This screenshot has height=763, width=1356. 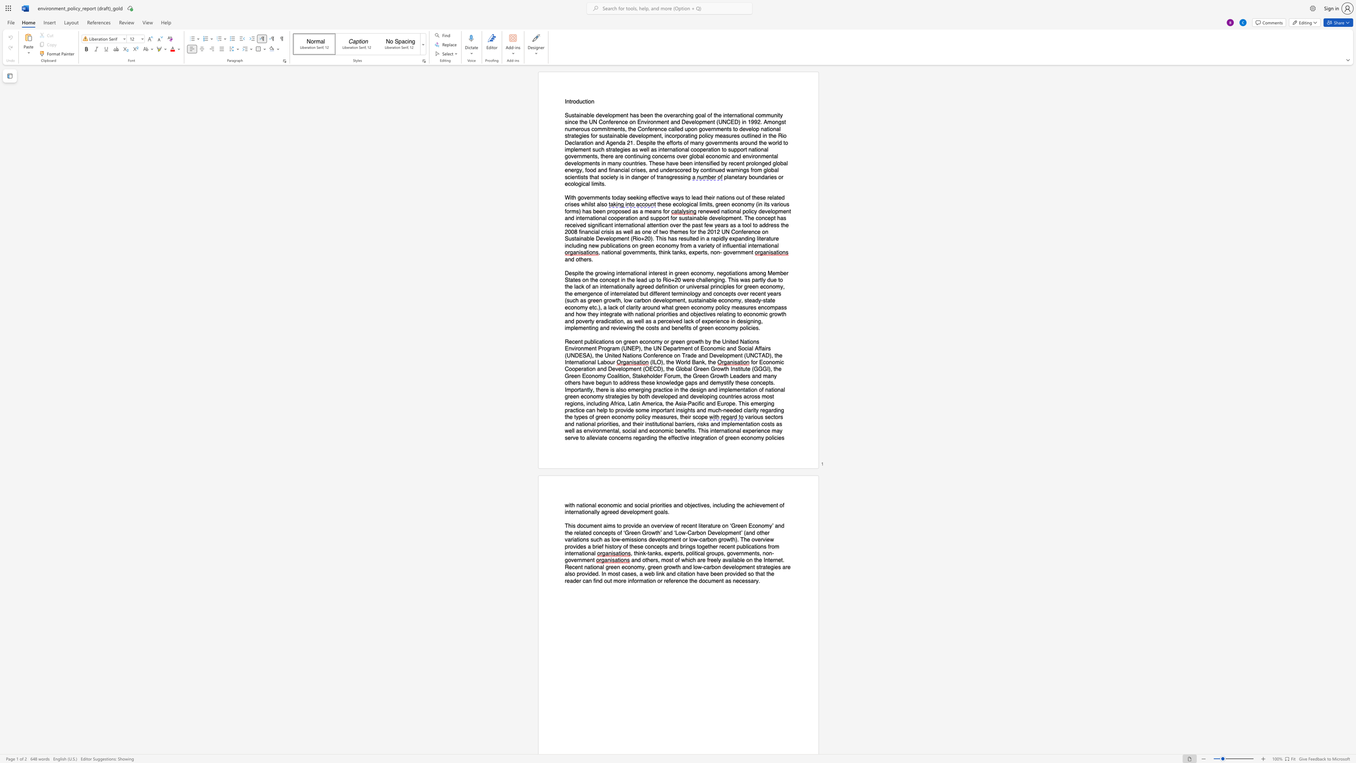 What do you see at coordinates (712, 505) in the screenshot?
I see `the subset text "including the achievement of internationally a" within the text ", including the achievement of internationally agreed development goals."` at bounding box center [712, 505].